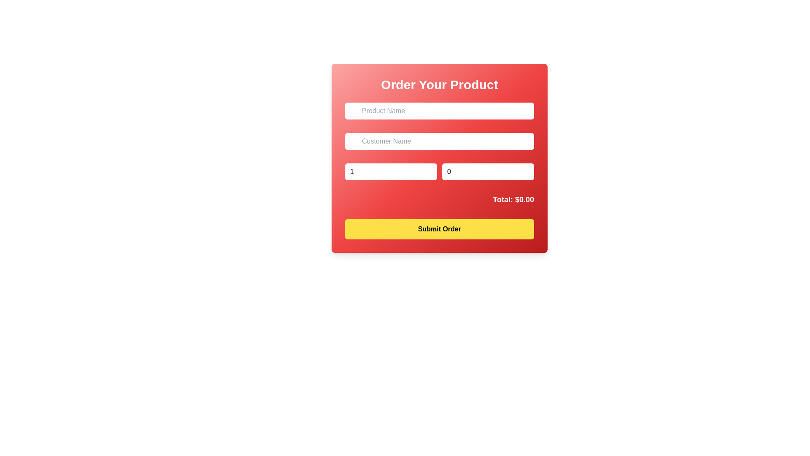 The width and height of the screenshot is (810, 456). What do you see at coordinates (439, 166) in the screenshot?
I see `the right input field of the number input fields to focus on it and change the price per unit for the product in the order submission form` at bounding box center [439, 166].